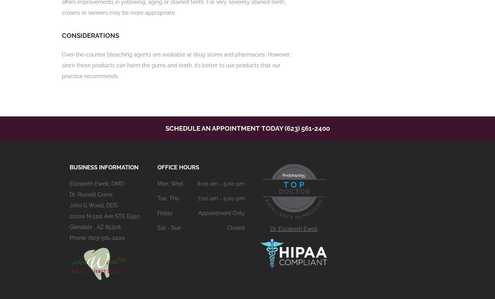  Describe the element at coordinates (157, 227) in the screenshot. I see `'Sat - Sun'` at that location.